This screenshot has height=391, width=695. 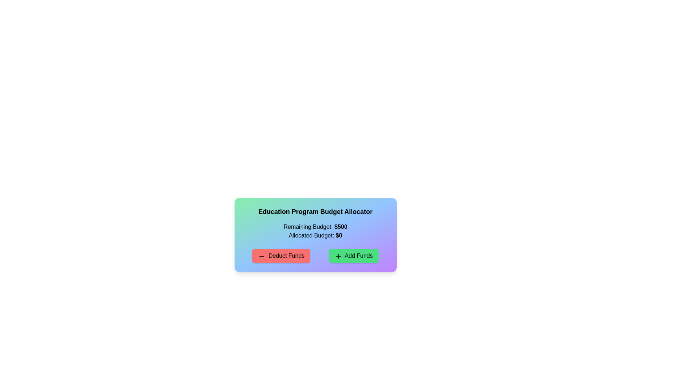 I want to click on the visual indicator icon for the 'Deduct Funds' button located at the bottom left of the interface beneath the 'Education Program Budget Allocator' heading, so click(x=261, y=256).